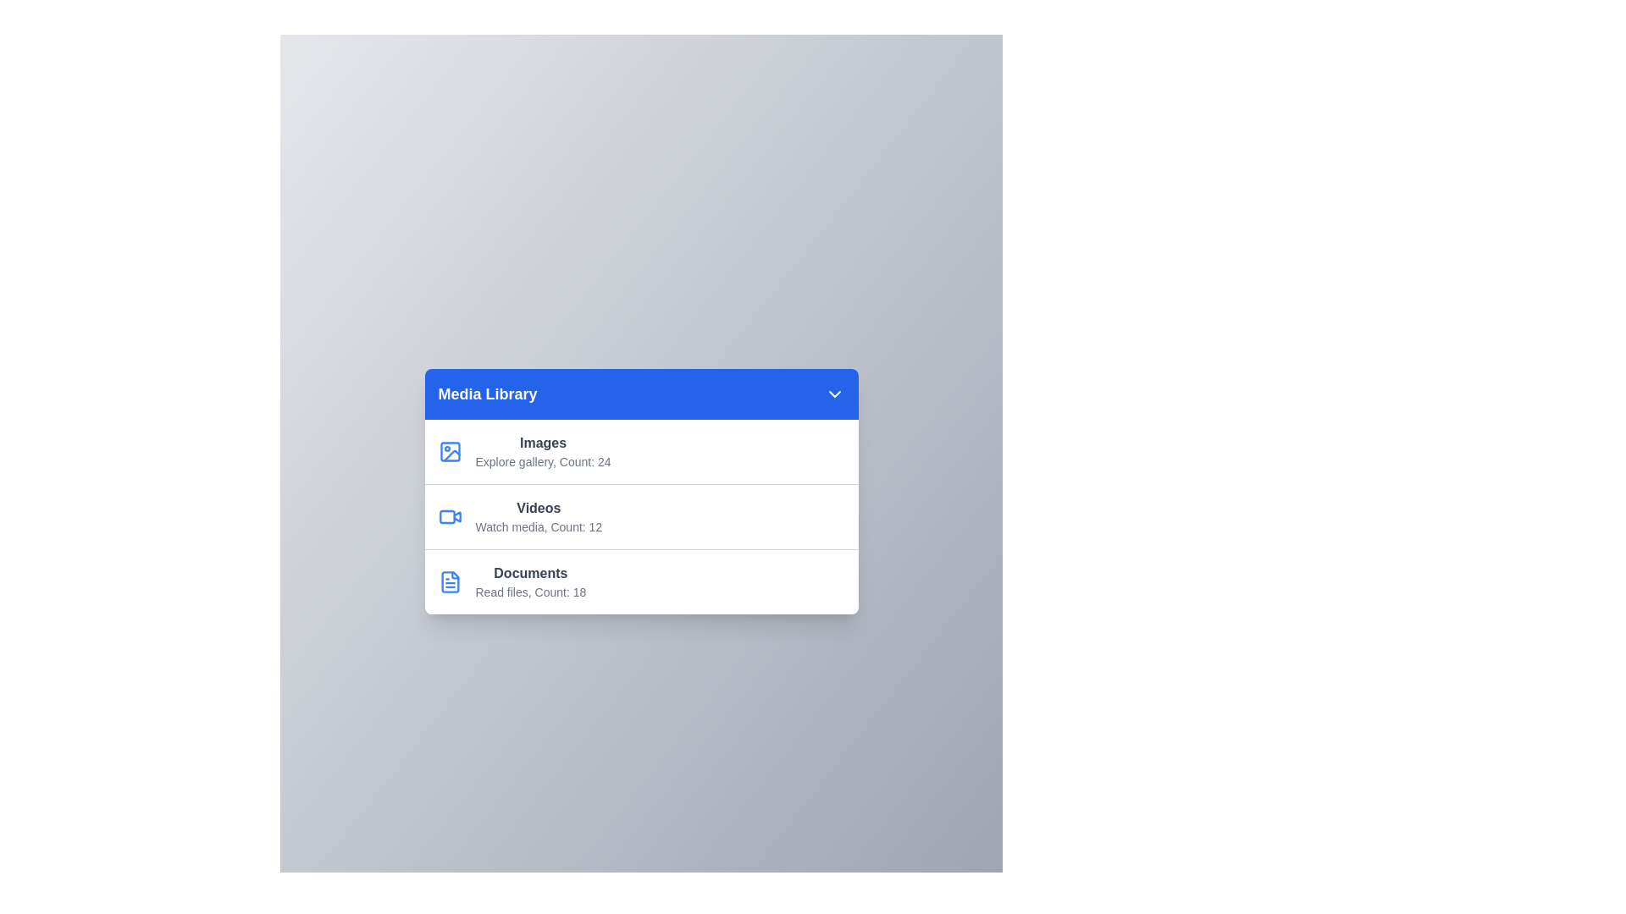 Image resolution: width=1626 pixels, height=914 pixels. I want to click on the media item Documents from the menu, so click(640, 581).